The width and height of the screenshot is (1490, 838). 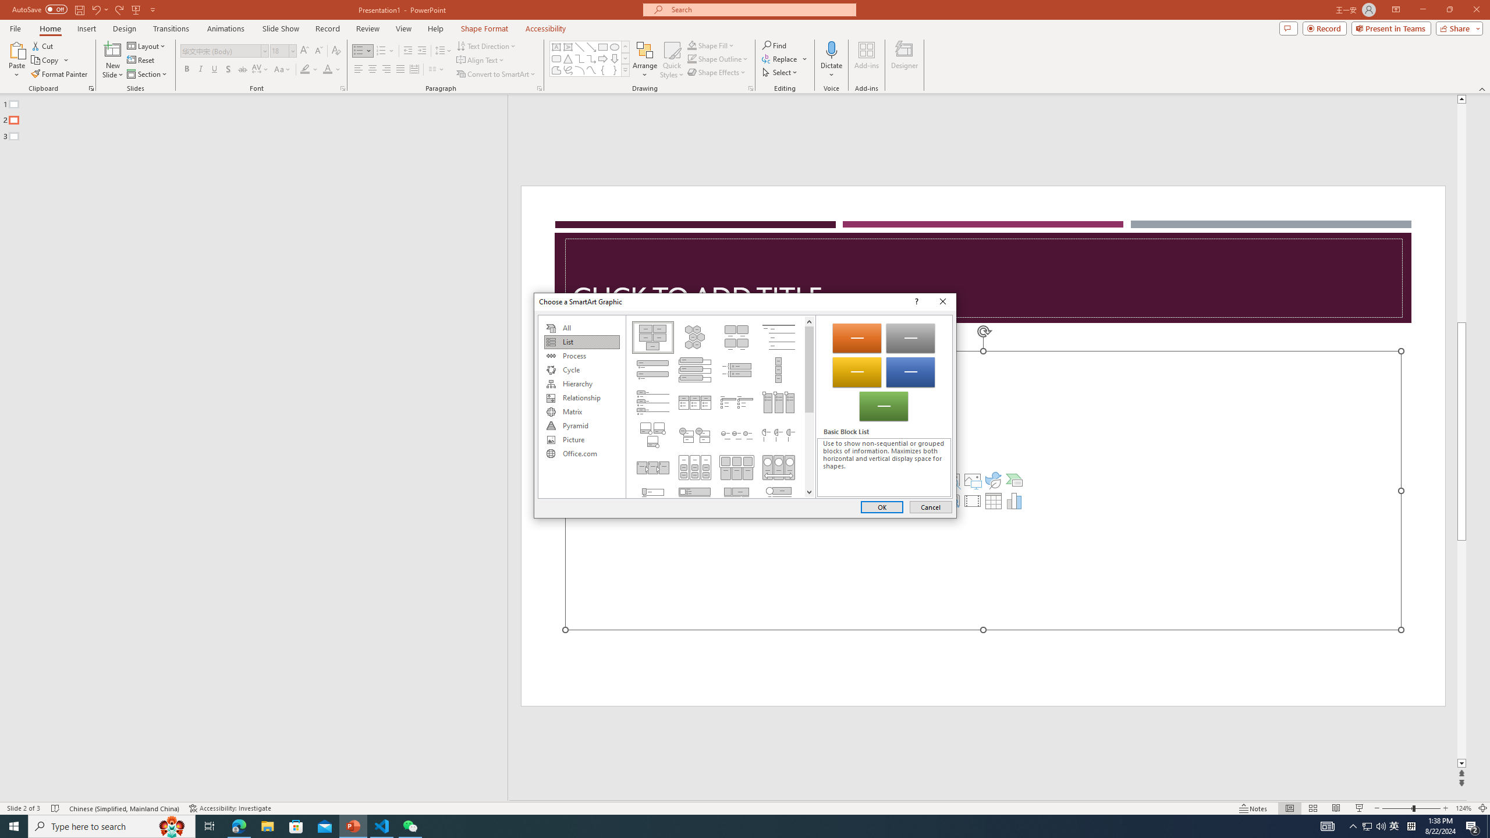 What do you see at coordinates (916, 301) in the screenshot?
I see `'Context help'` at bounding box center [916, 301].